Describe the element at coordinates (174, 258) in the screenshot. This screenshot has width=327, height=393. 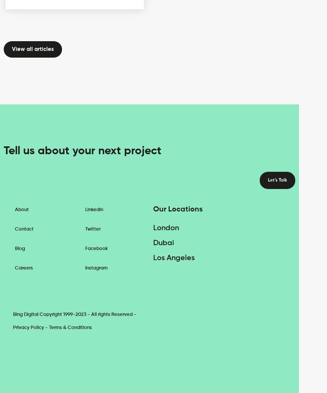
I see `'Los Angeles'` at that location.